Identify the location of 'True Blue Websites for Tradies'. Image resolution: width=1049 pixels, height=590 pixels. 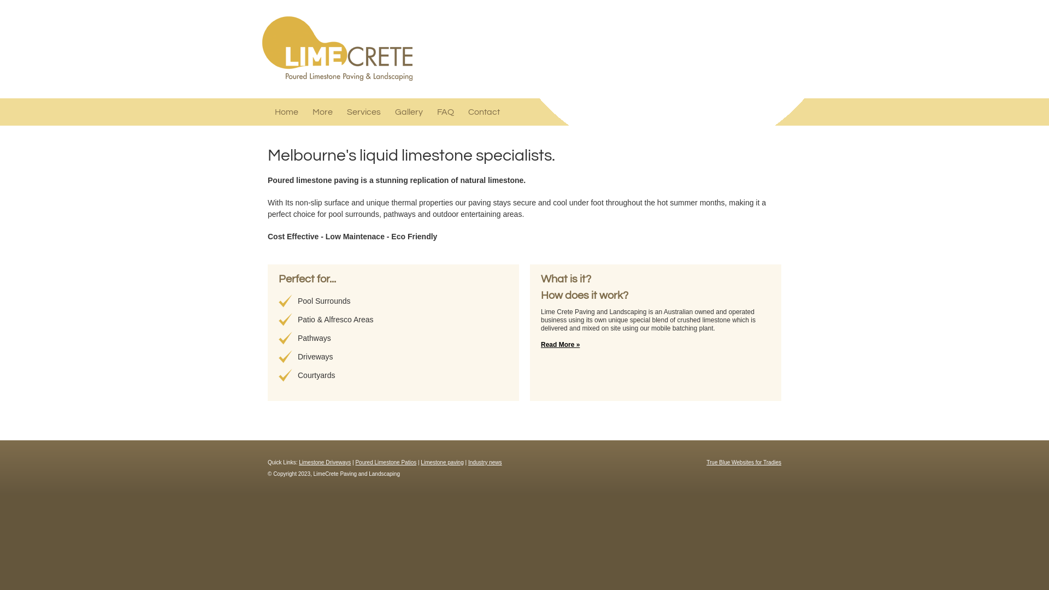
(706, 462).